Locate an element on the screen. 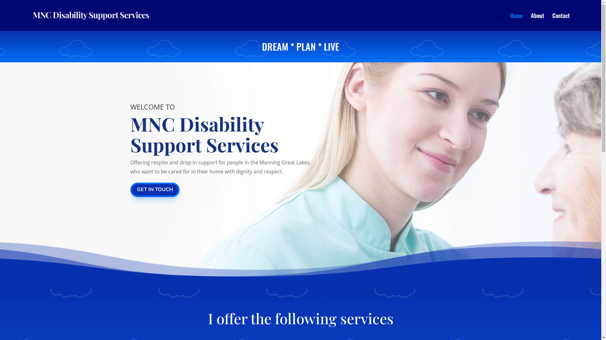  'Contact' is located at coordinates (561, 21).